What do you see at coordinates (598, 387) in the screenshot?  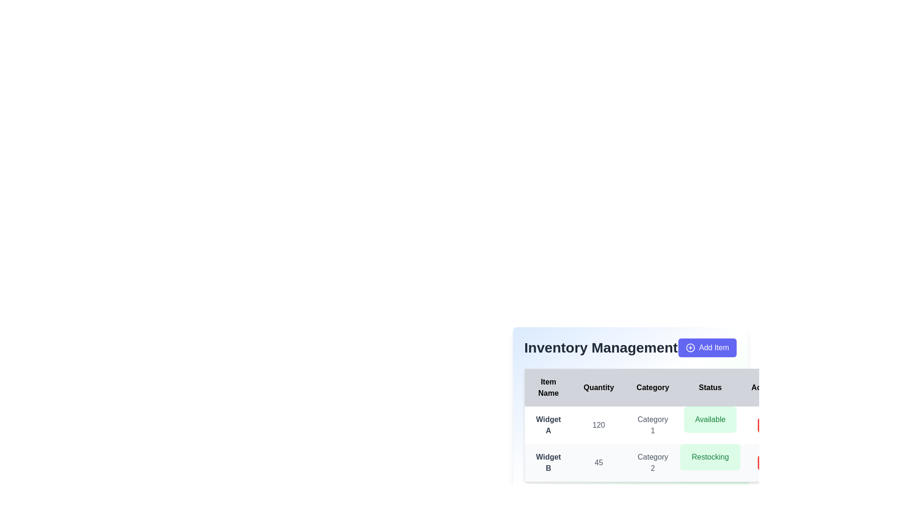 I see `the 'Quantity' column header cell in the Inventory Management table, which is positioned between 'Item Name' and 'Category'` at bounding box center [598, 387].